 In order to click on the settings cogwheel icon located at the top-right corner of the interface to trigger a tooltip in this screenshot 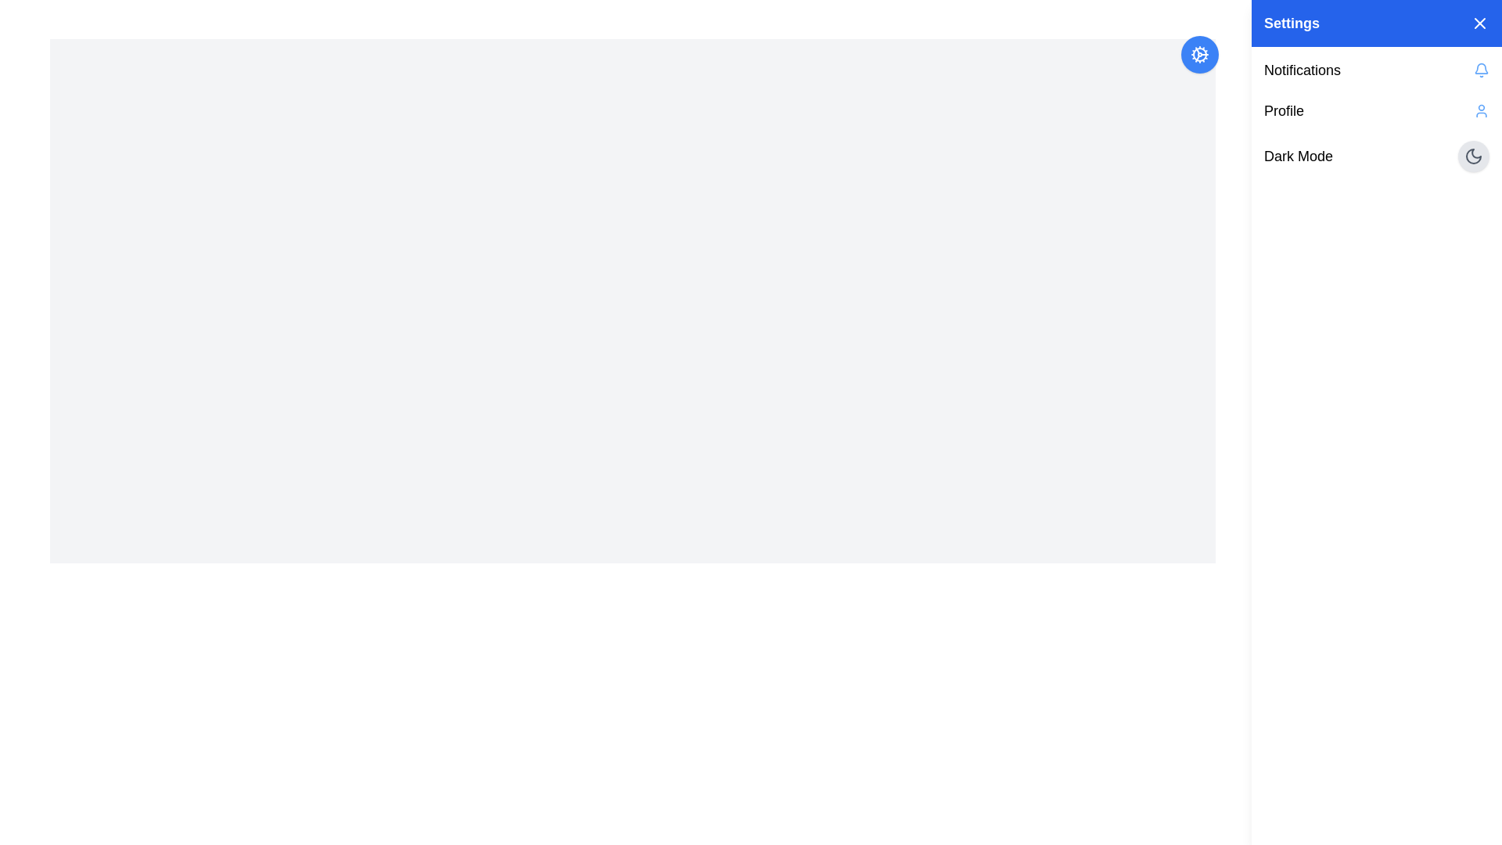, I will do `click(1199, 53)`.